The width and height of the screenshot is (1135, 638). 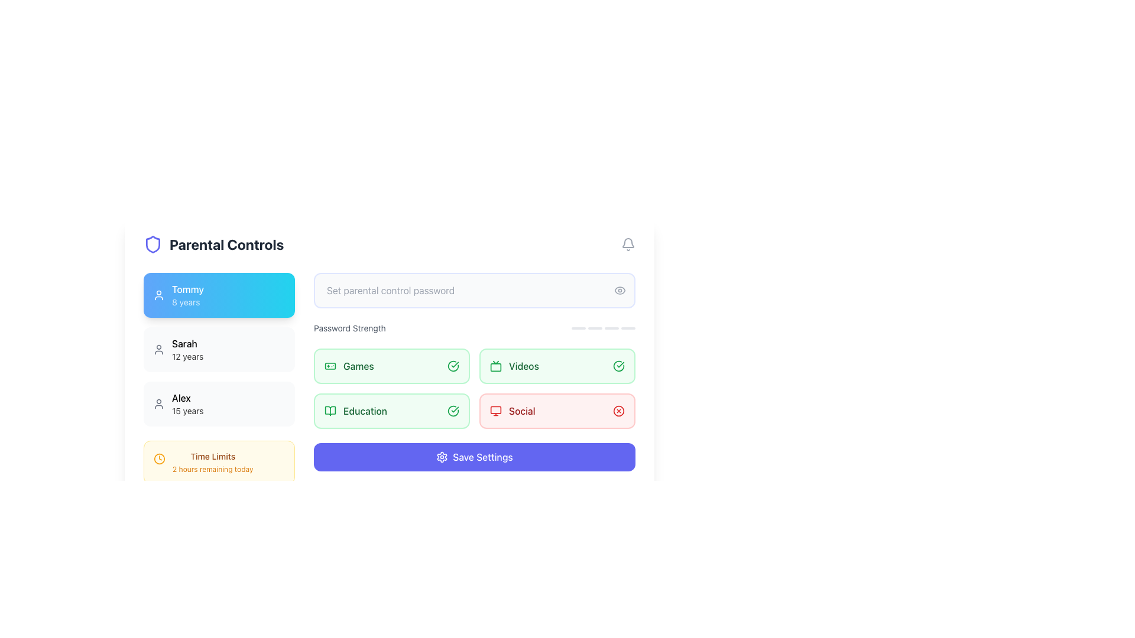 What do you see at coordinates (389, 359) in the screenshot?
I see `the selectable option card for game access in the parental controls interface, located at the top-left cell under the 'Password Strength' section` at bounding box center [389, 359].